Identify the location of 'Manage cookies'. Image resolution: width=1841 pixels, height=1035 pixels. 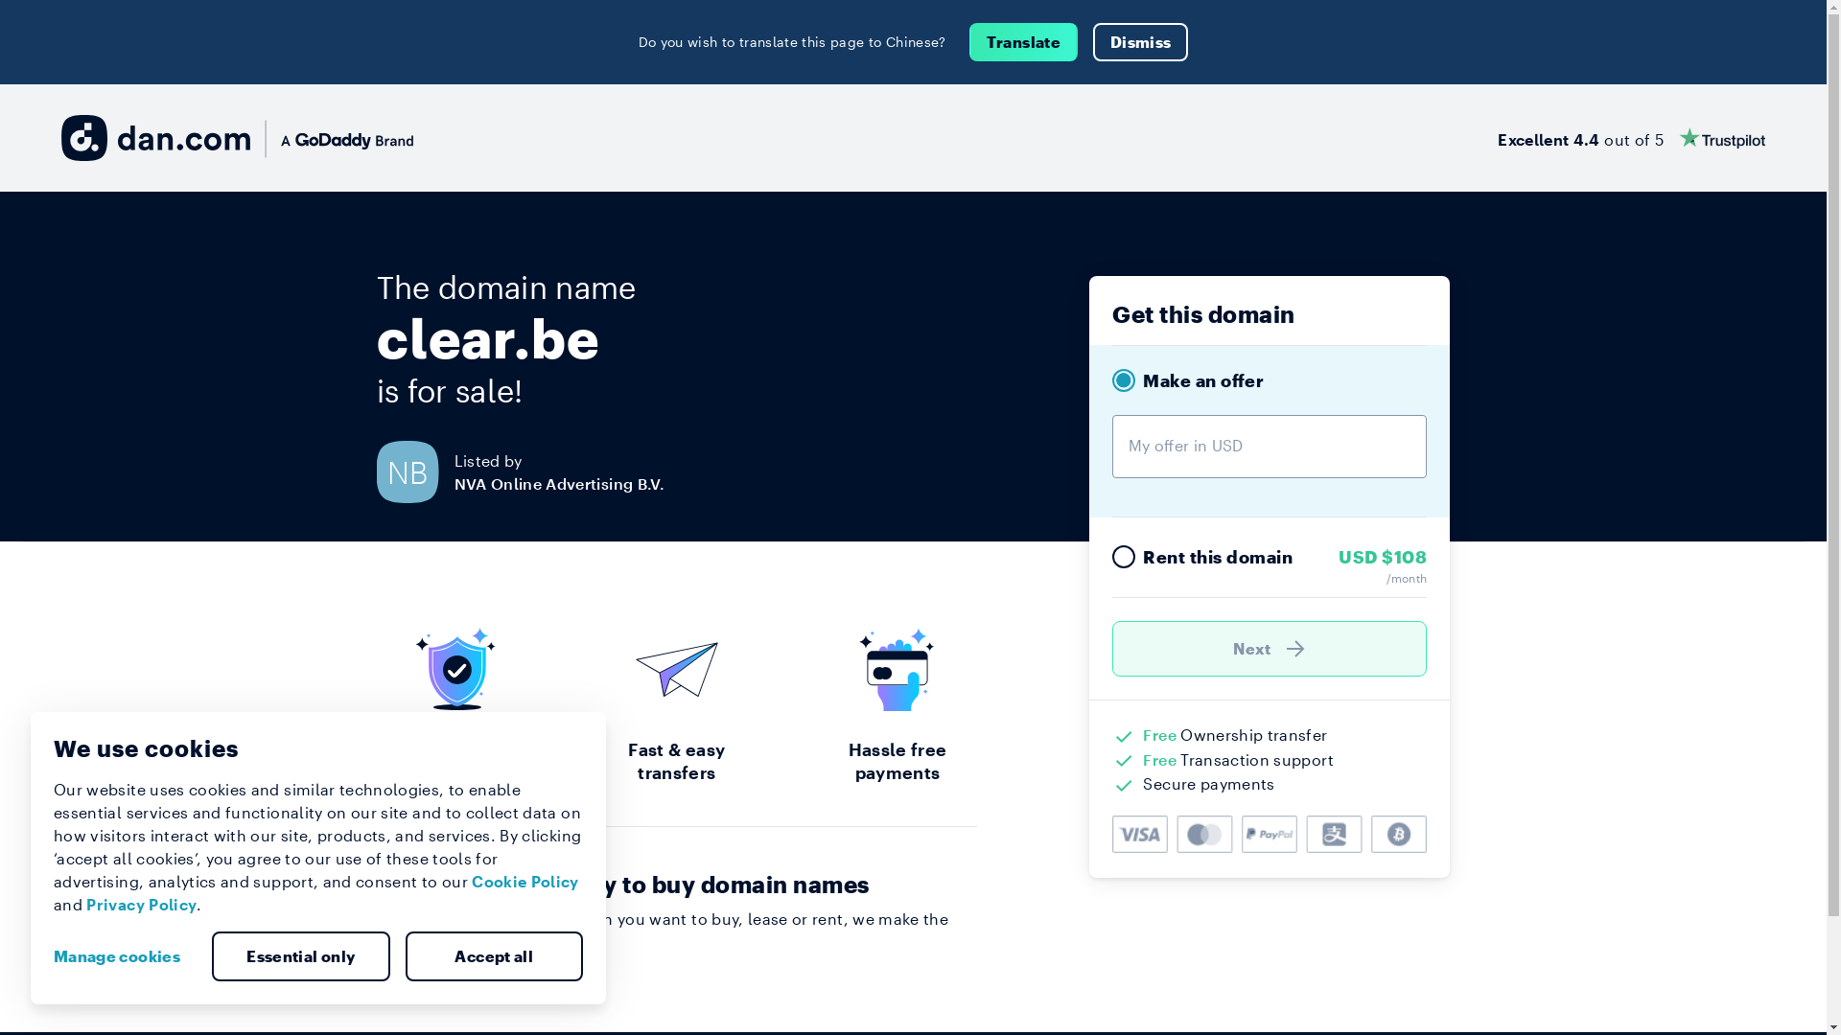
(123, 956).